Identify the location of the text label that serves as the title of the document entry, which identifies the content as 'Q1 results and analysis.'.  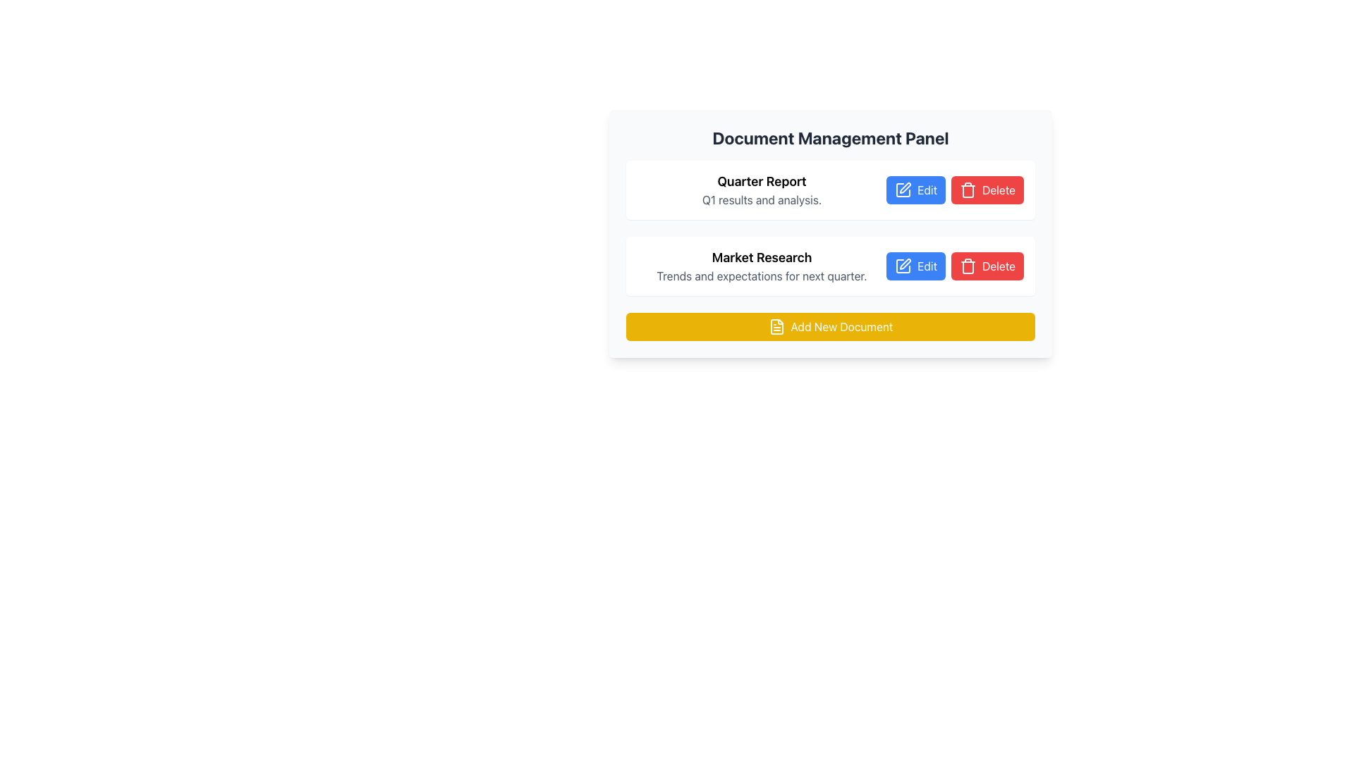
(761, 181).